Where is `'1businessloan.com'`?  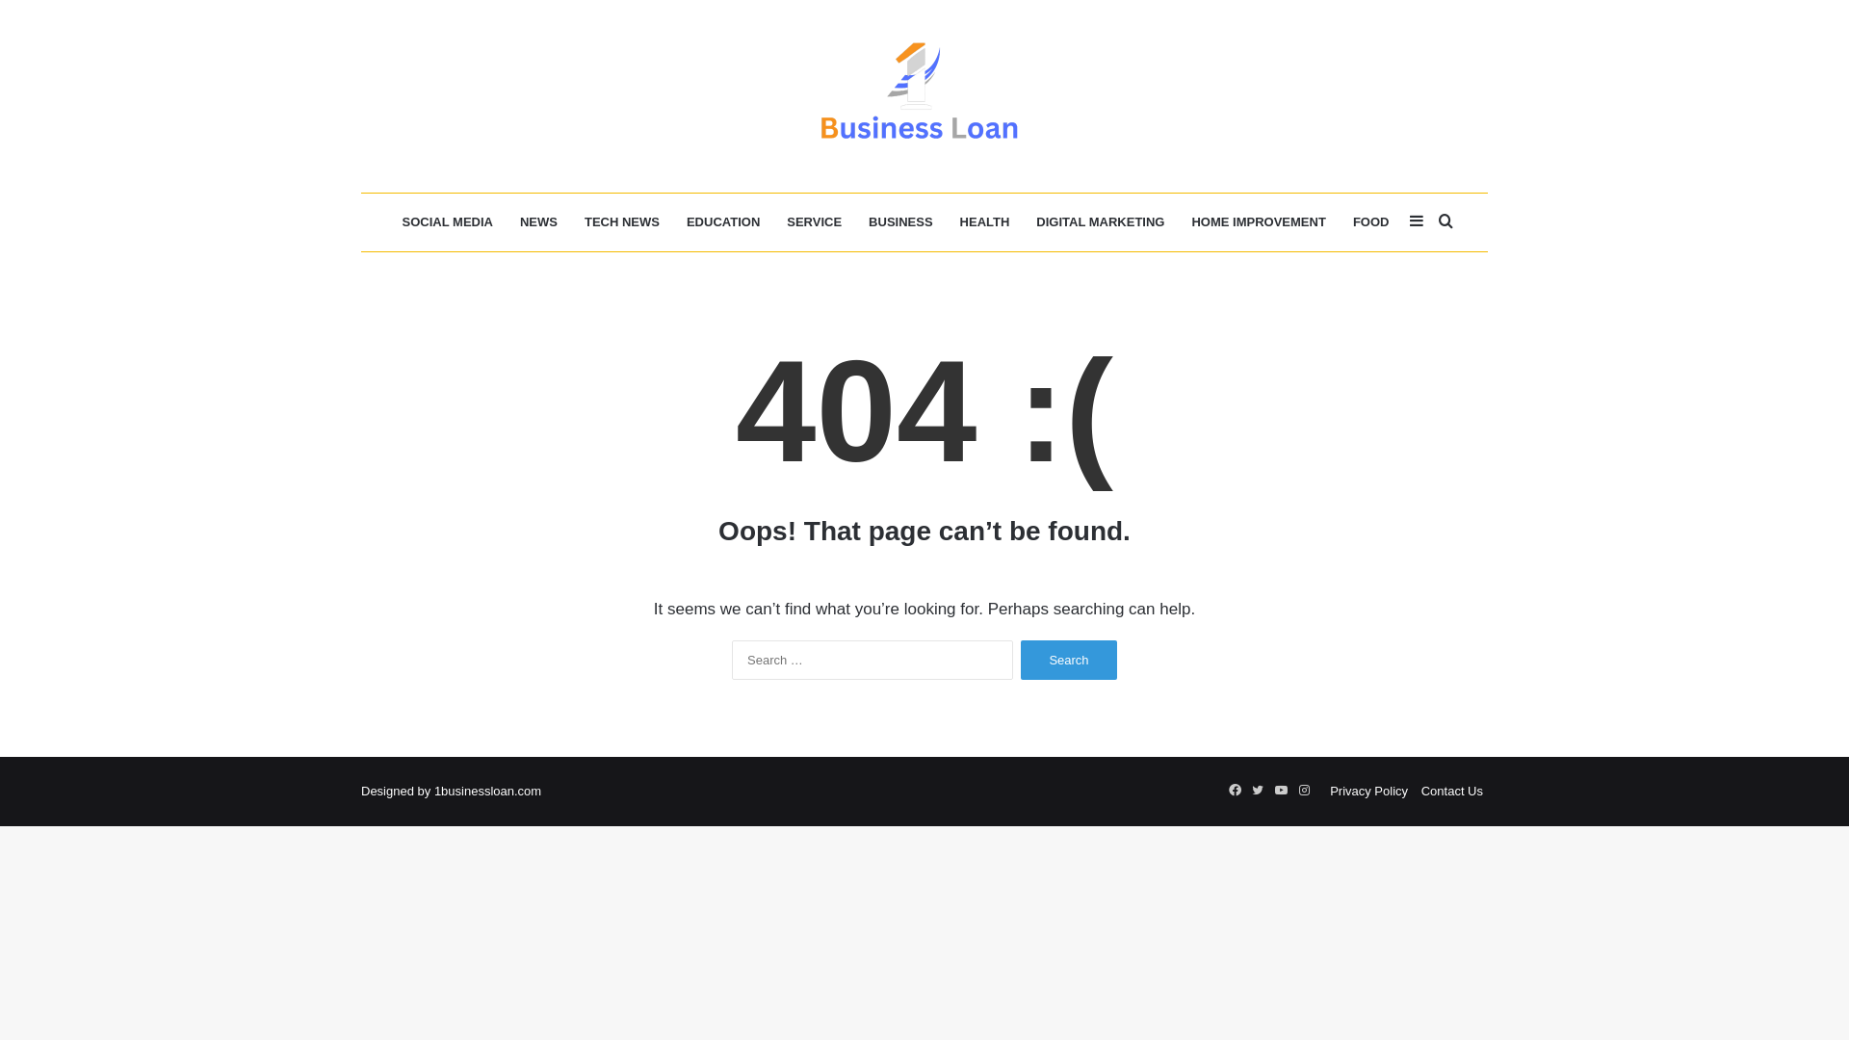
'1businessloan.com' is located at coordinates (487, 791).